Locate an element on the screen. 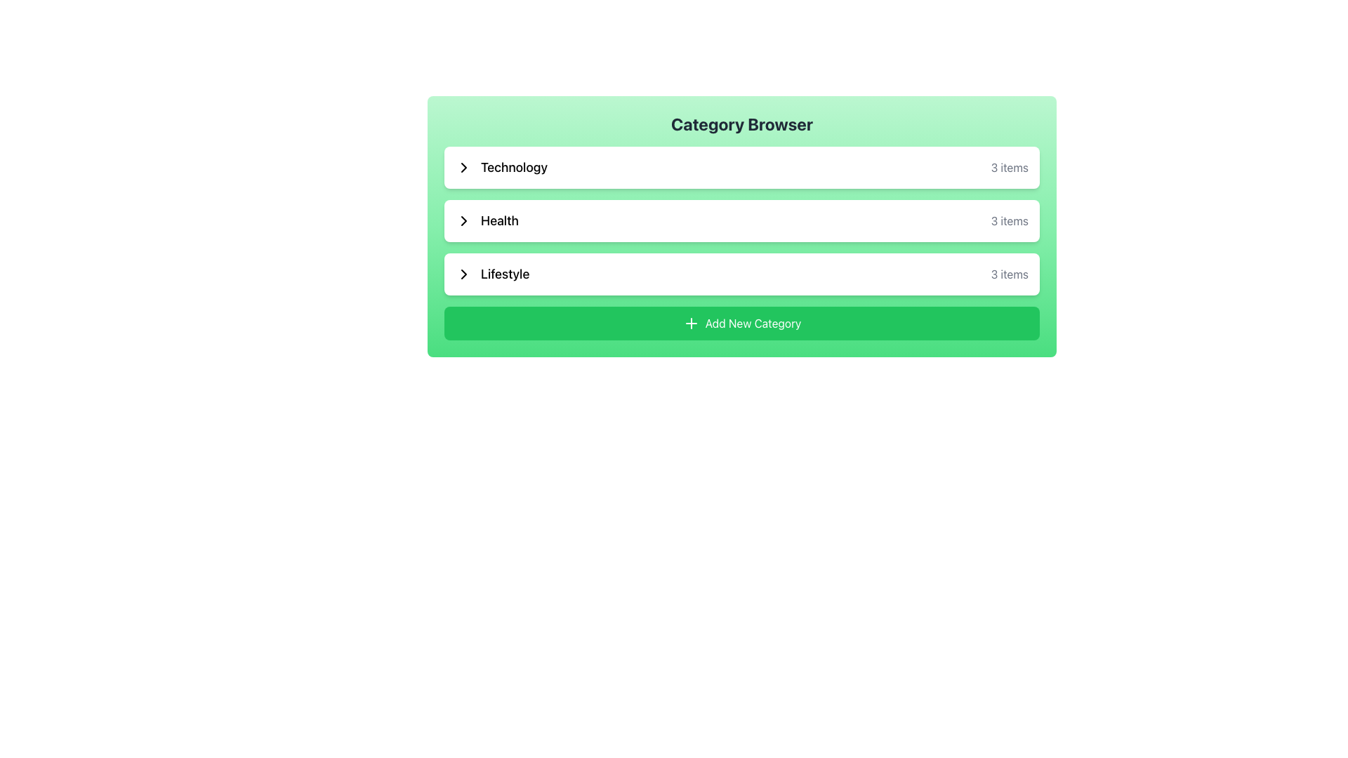 This screenshot has width=1348, height=758. the chevron icon in the third row of the 'Lifestyle' category is located at coordinates (464, 274).